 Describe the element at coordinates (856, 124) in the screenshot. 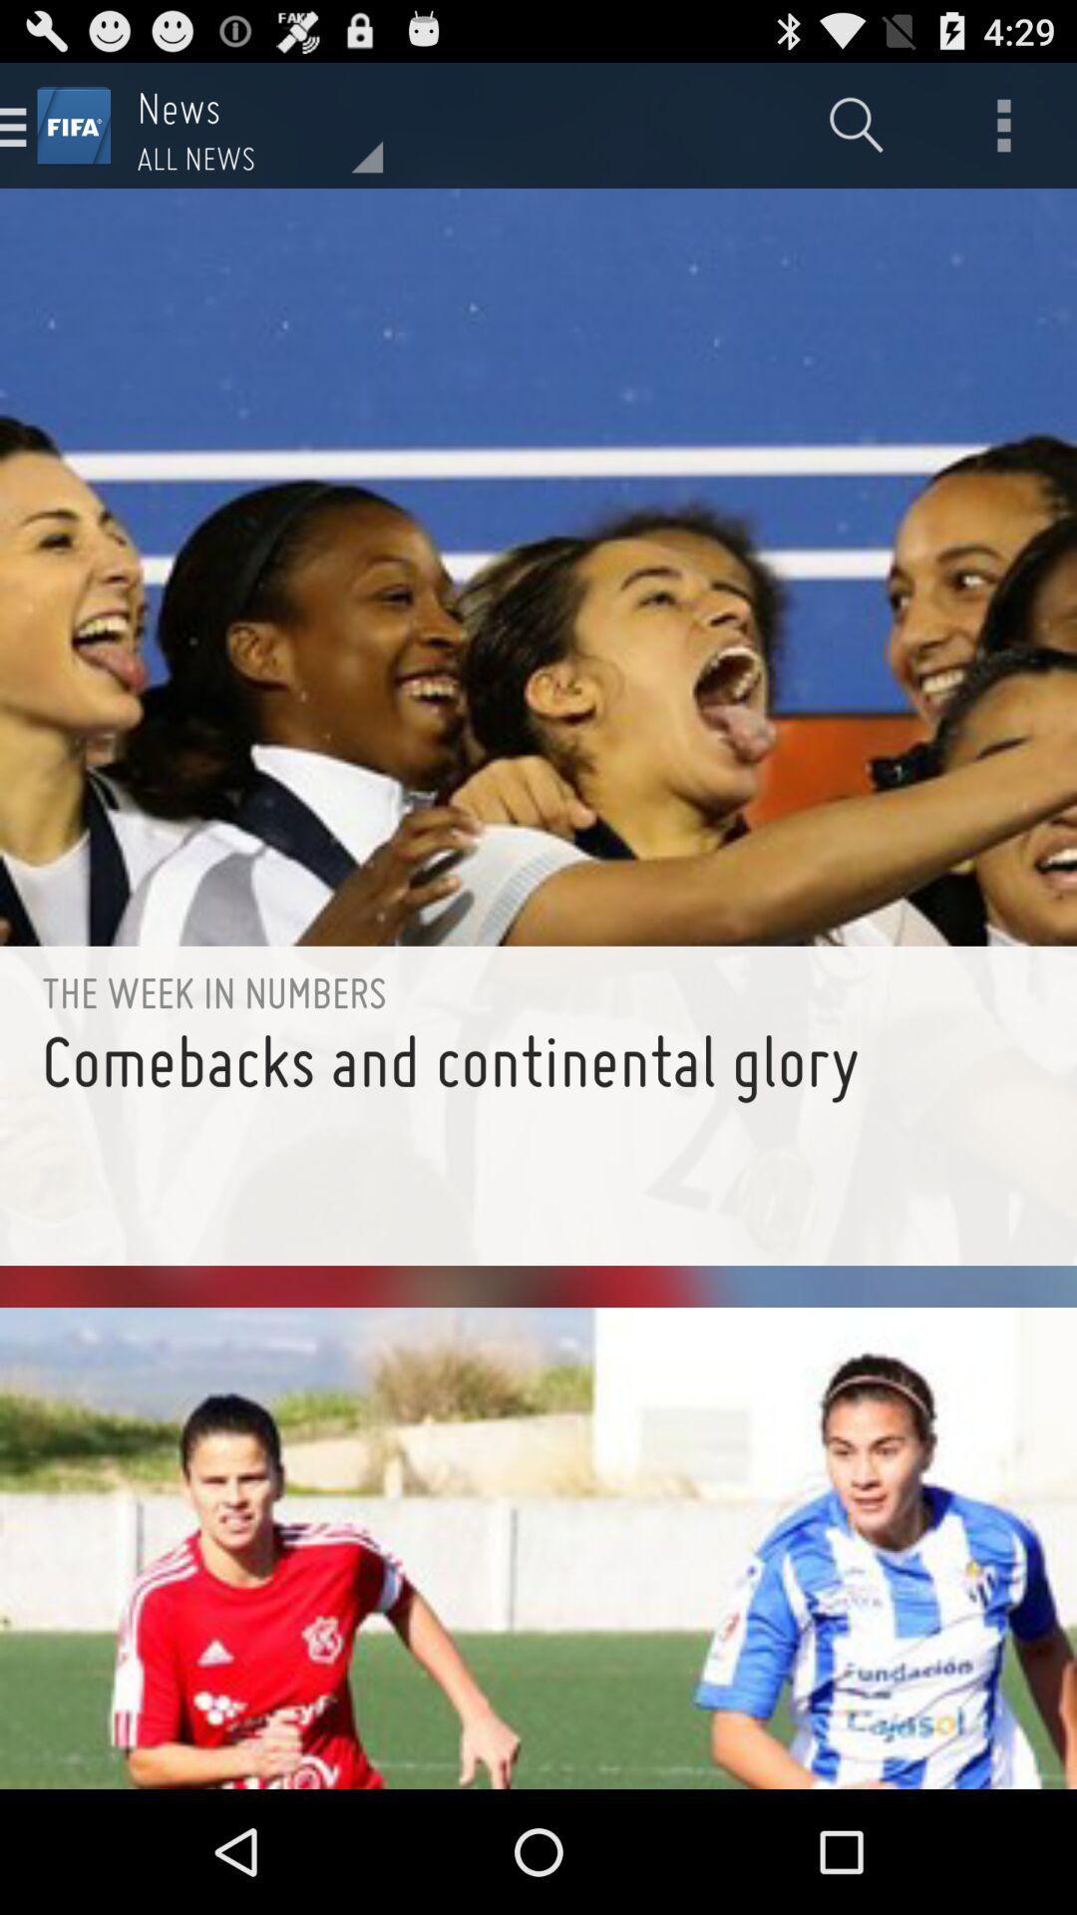

I see `item to the right of all news` at that location.